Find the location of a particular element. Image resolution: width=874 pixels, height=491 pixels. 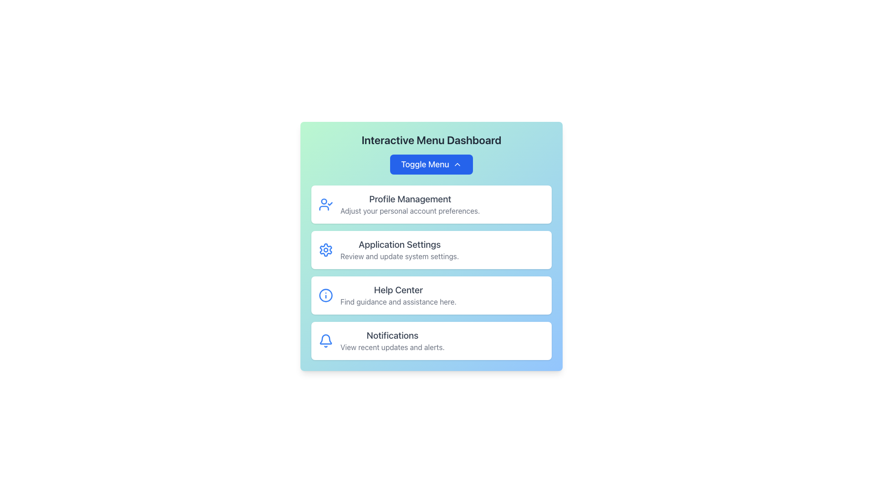

the third option in the menu that directs users to the 'Help Center', located between 'Application Settings' and 'Notifications' is located at coordinates (431, 296).